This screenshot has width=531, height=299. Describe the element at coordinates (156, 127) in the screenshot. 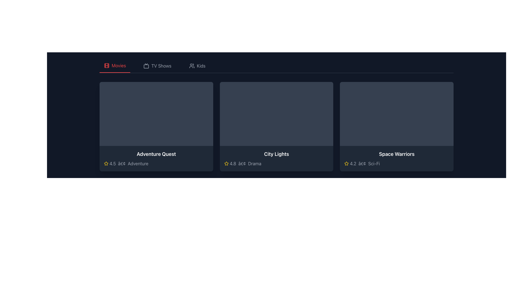

I see `the movie or show card located in the first position` at that location.